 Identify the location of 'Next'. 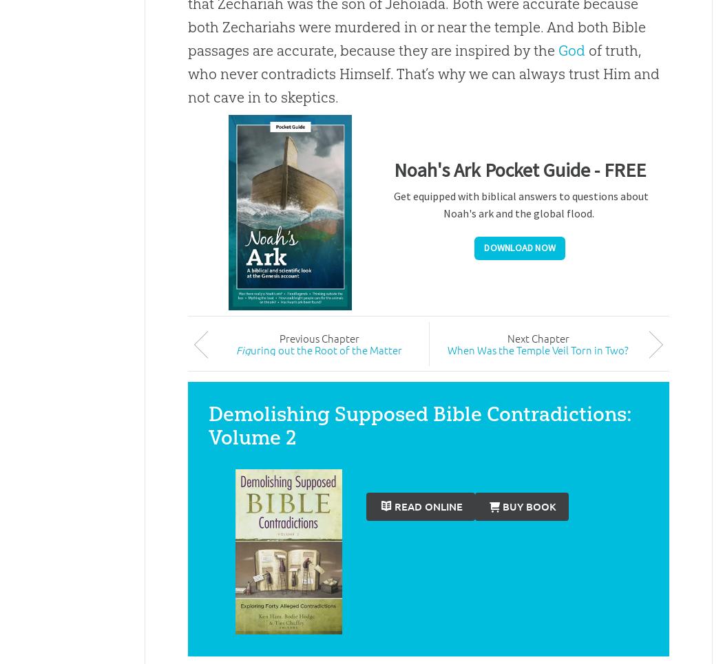
(506, 337).